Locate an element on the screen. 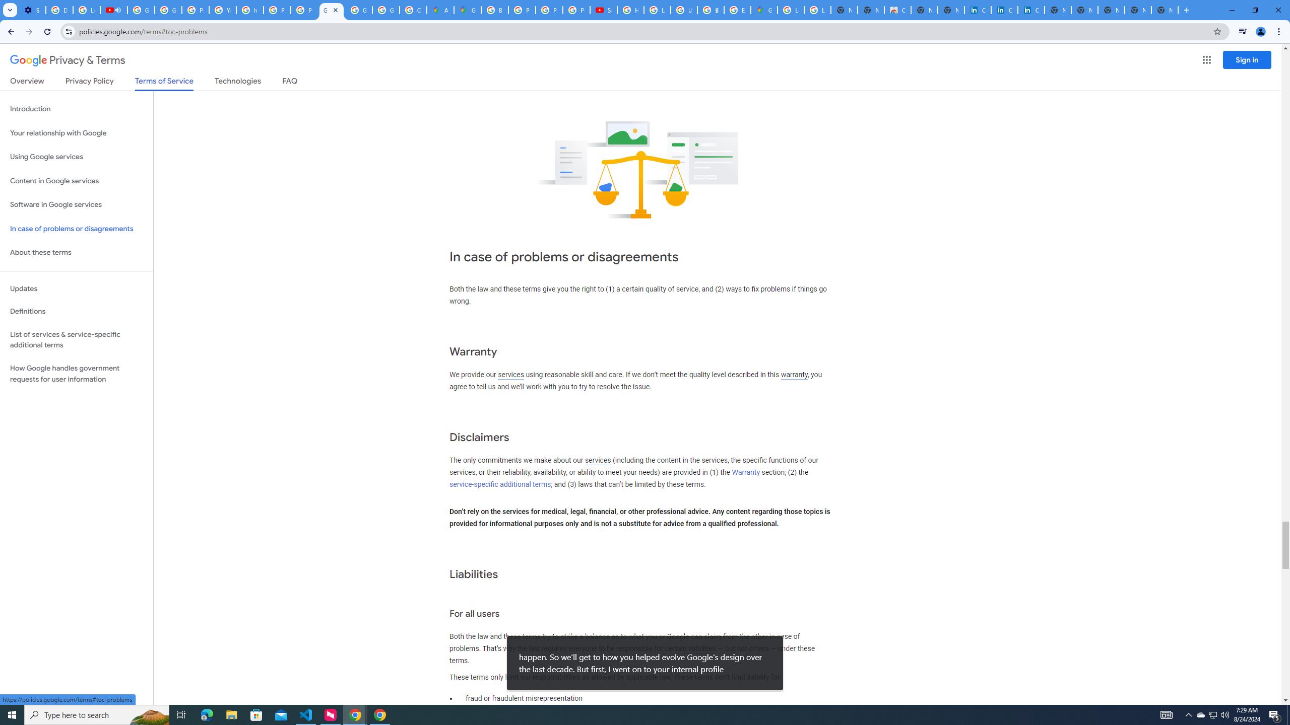 The height and width of the screenshot is (725, 1290). 'Blogger Policies and Guidelines - Transparency Center' is located at coordinates (495, 10).